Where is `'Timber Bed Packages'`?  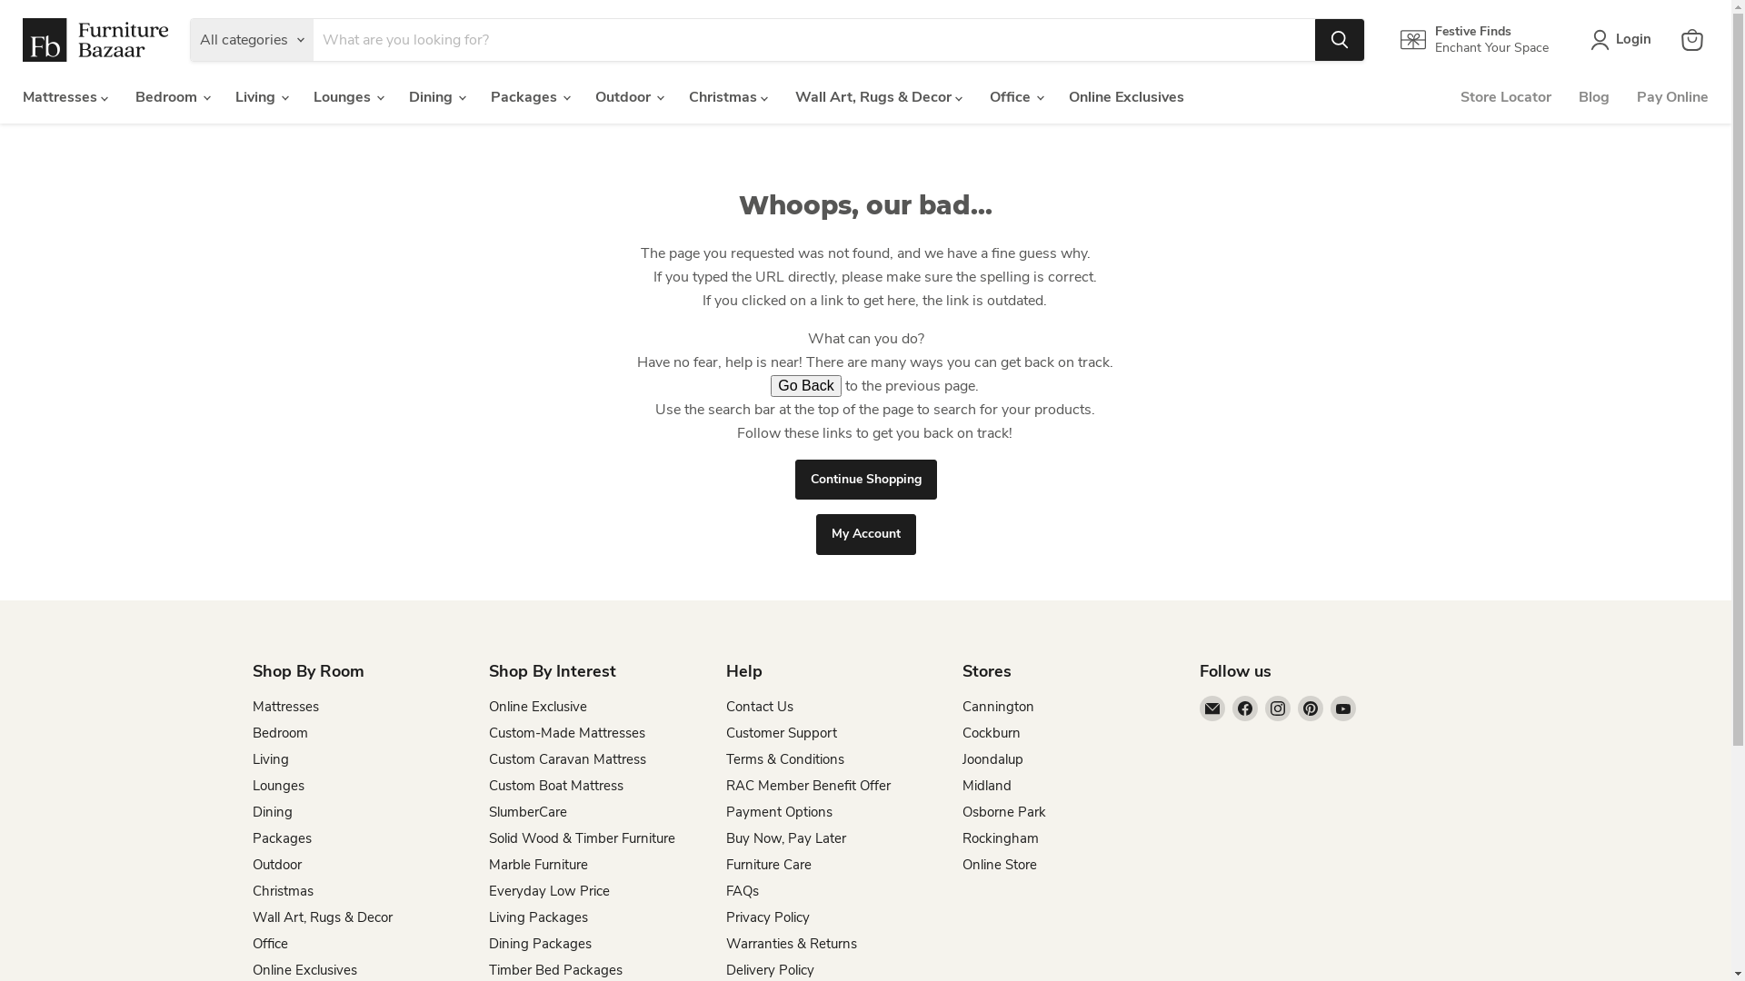
'Timber Bed Packages' is located at coordinates (554, 969).